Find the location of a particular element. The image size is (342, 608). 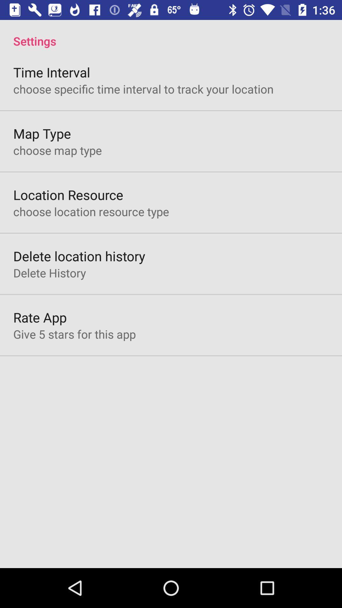

settings app is located at coordinates (171, 34).